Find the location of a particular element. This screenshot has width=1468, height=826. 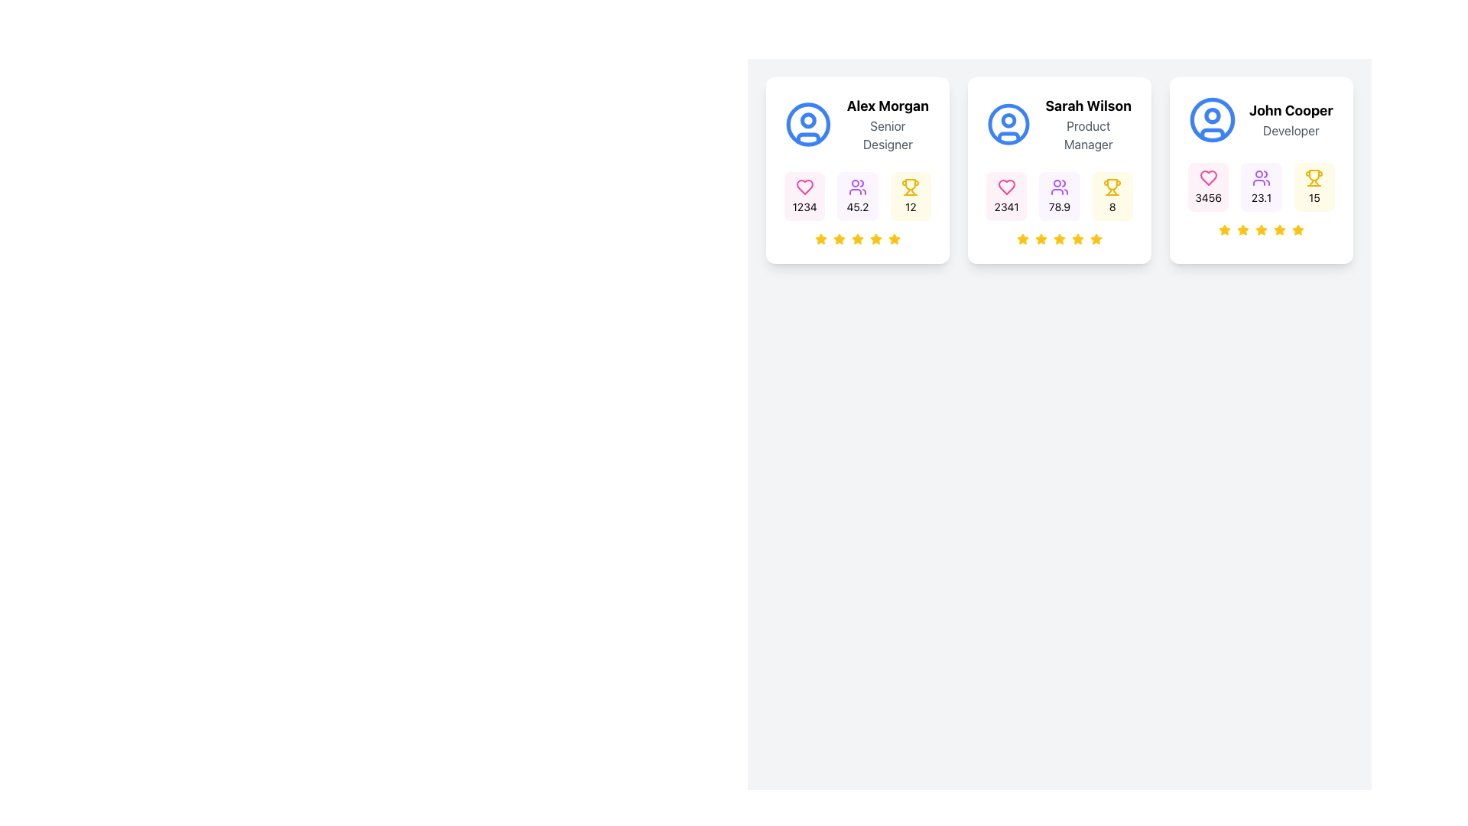

the fourth star-shaped icon from the left in the rating section of the first profile card, which is filled with yellow and outlined in black is located at coordinates (876, 239).